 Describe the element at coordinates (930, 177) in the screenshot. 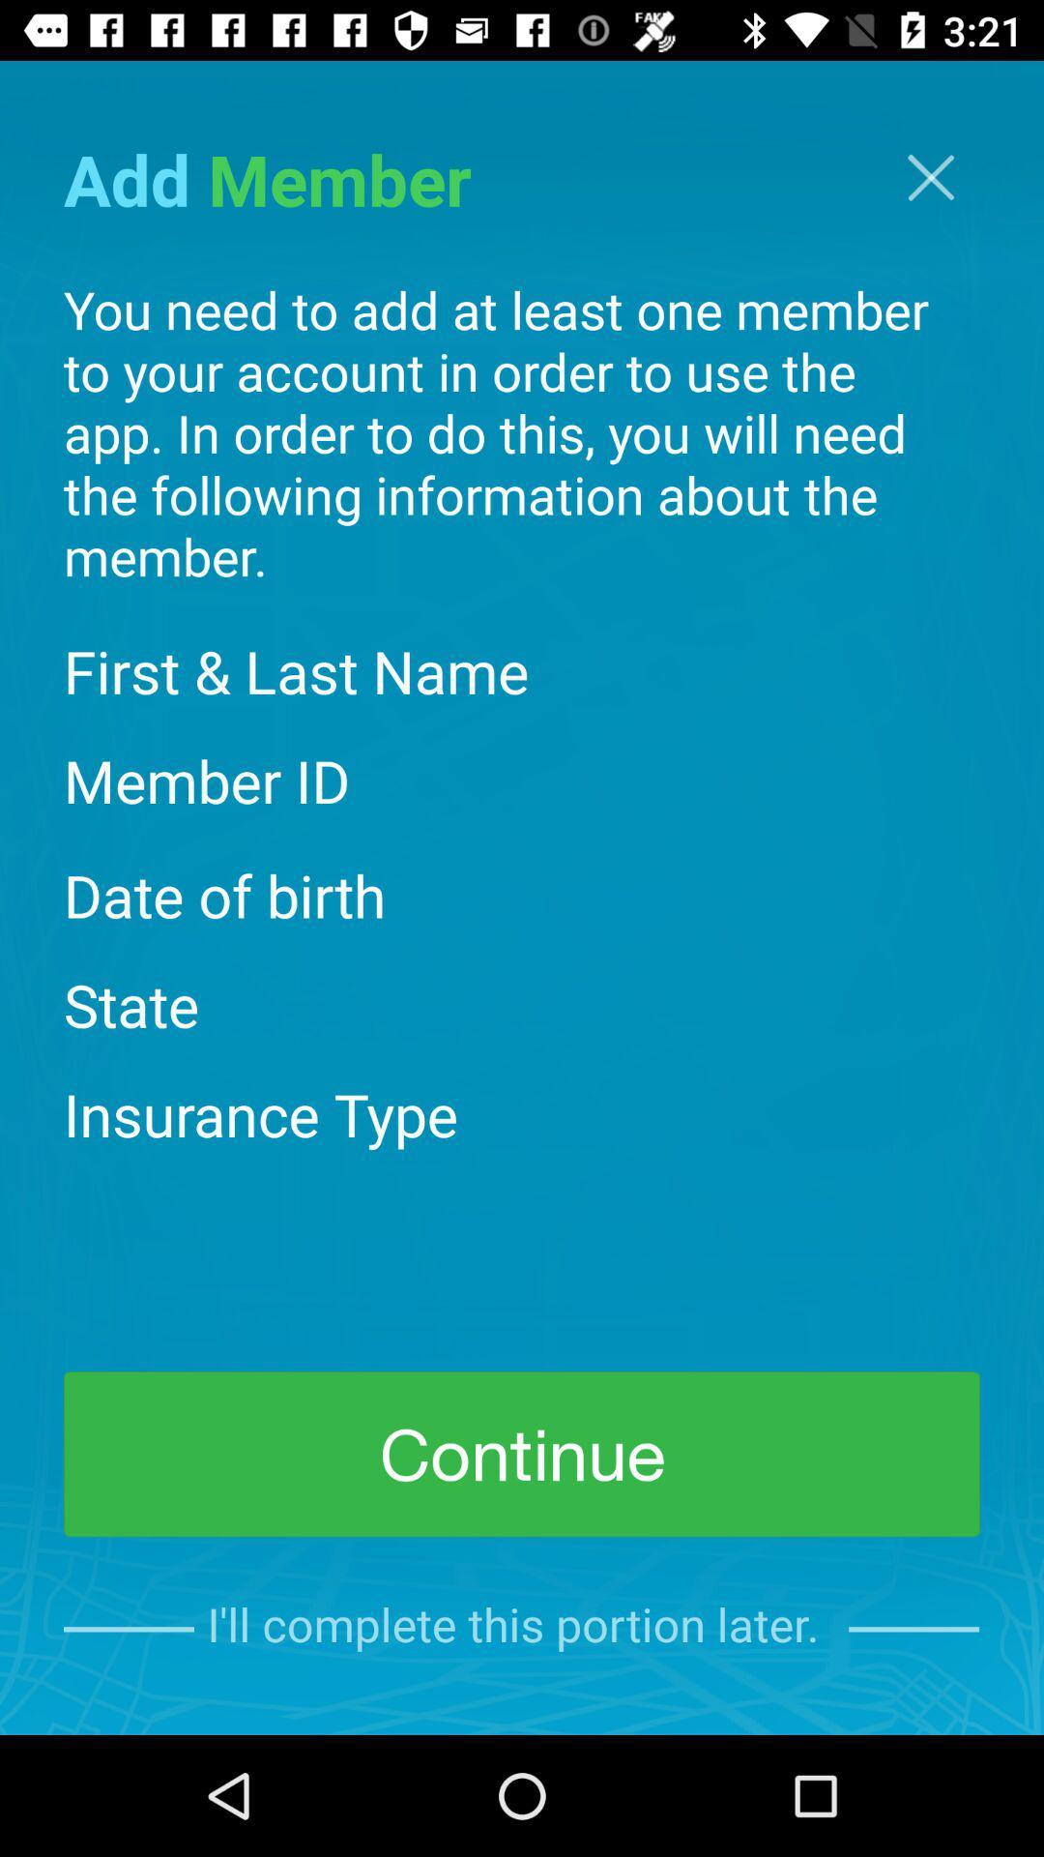

I see `icon next to add member item` at that location.